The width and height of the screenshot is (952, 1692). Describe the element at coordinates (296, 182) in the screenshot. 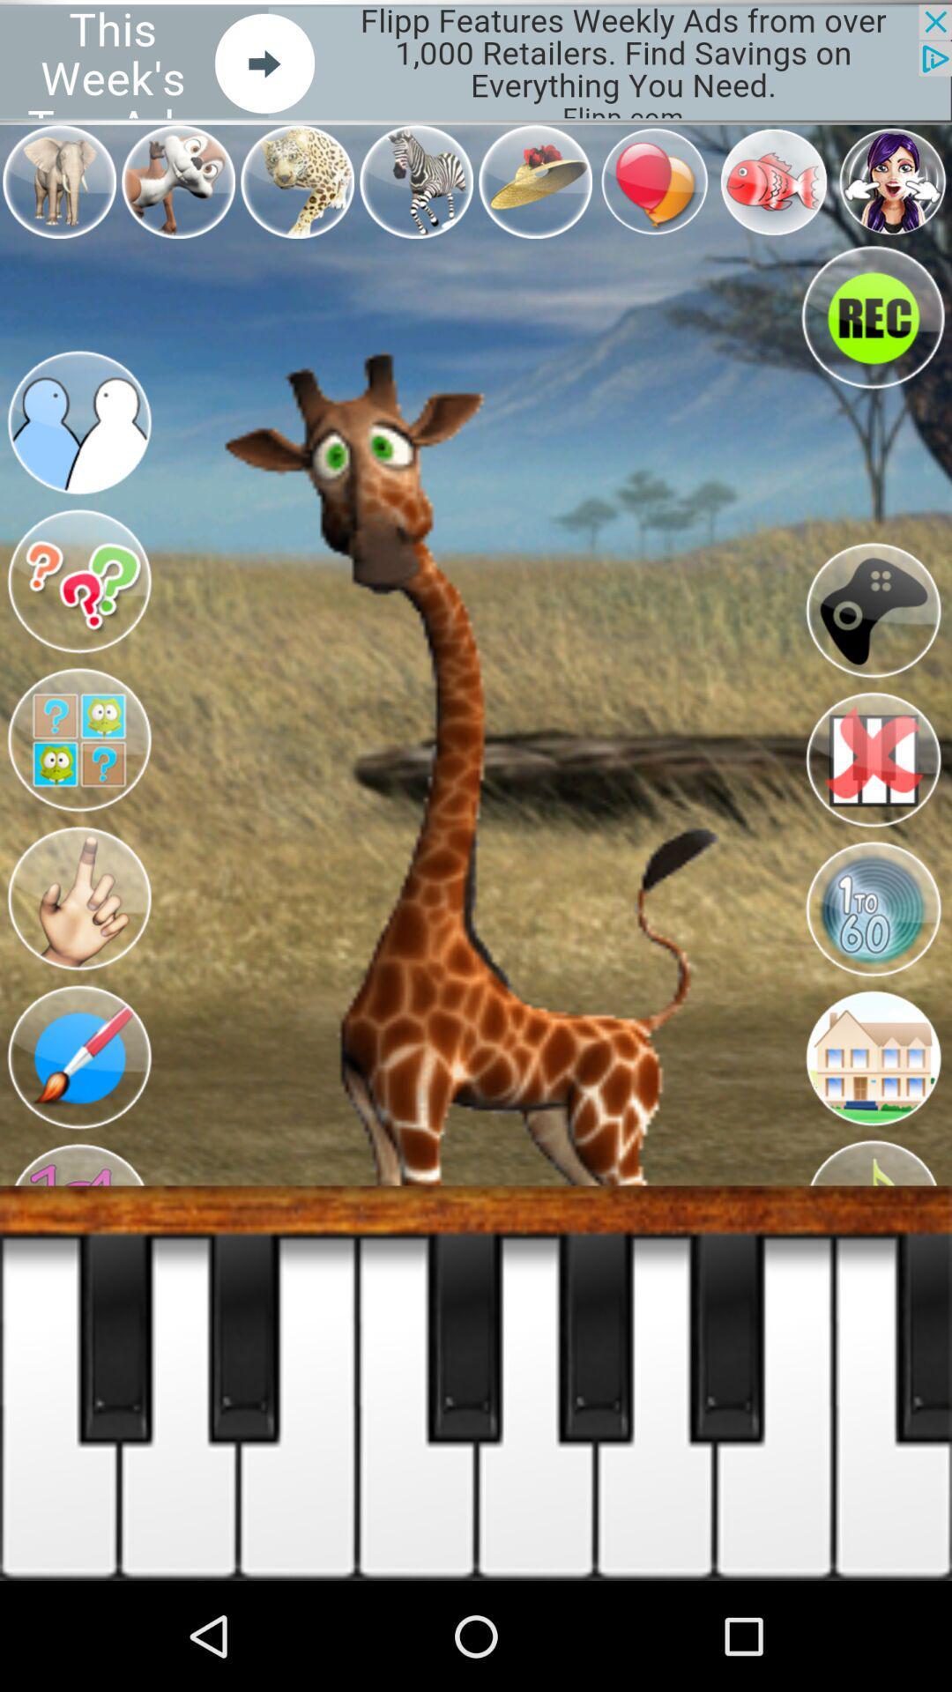

I see `the third image in the first row from the top` at that location.